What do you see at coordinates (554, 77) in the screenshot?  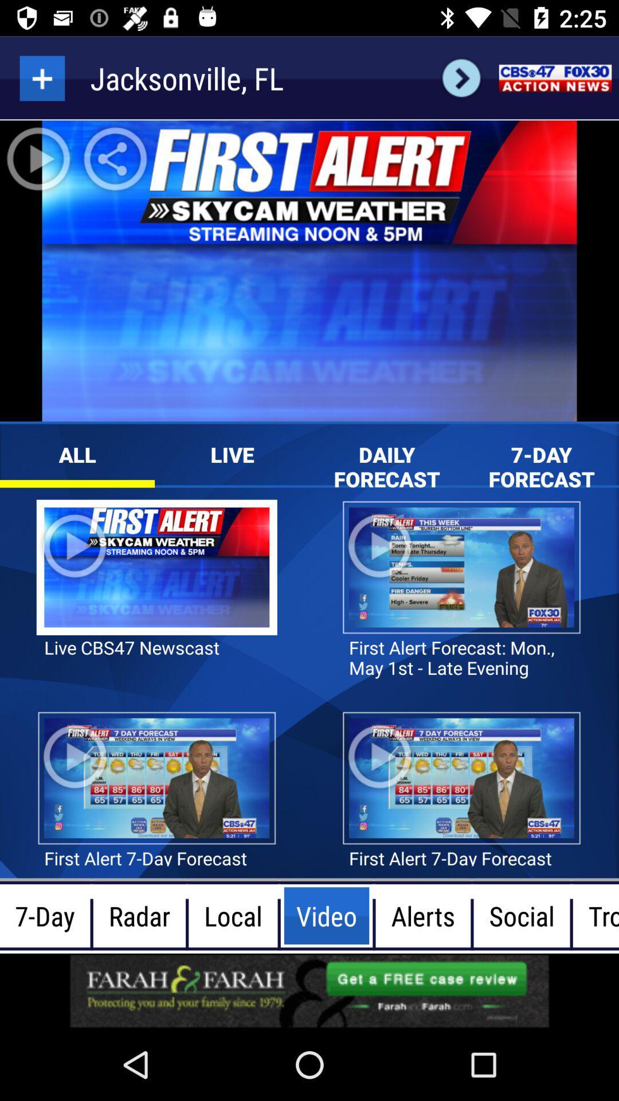 I see `the news homepage` at bounding box center [554, 77].